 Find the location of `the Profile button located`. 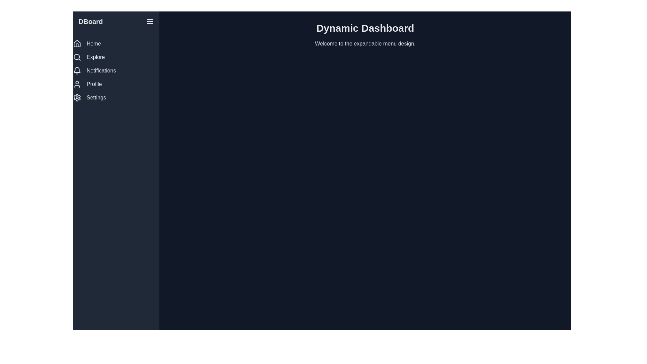

the Profile button located is located at coordinates (116, 84).